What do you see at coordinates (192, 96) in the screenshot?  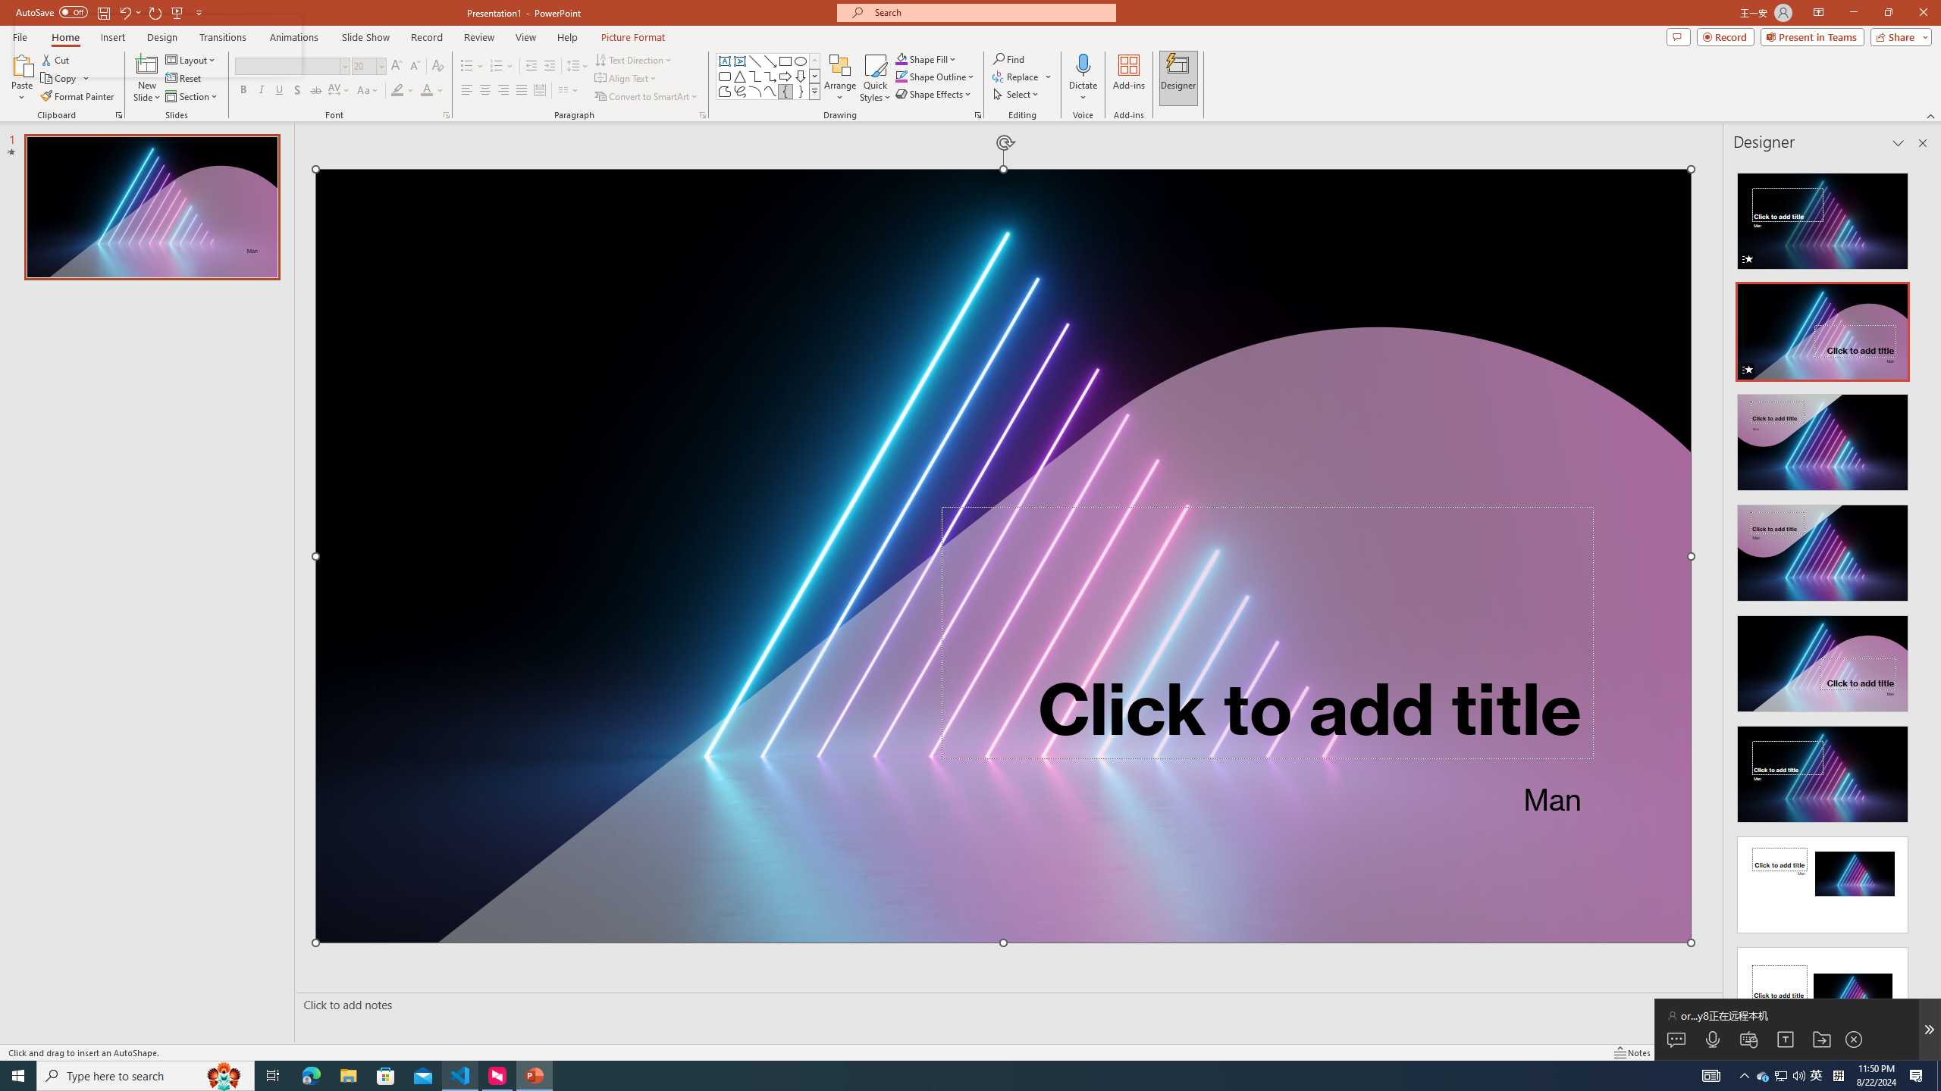 I see `'Section'` at bounding box center [192, 96].